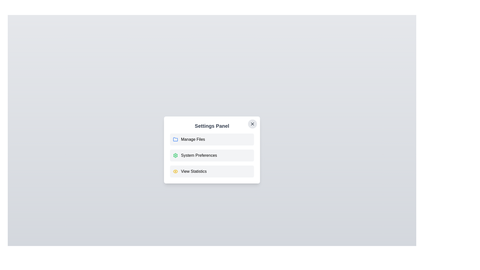  Describe the element at coordinates (175, 139) in the screenshot. I see `the blue folder icon located at the beginning of the 'Manage Files' option in the settings panel` at that location.